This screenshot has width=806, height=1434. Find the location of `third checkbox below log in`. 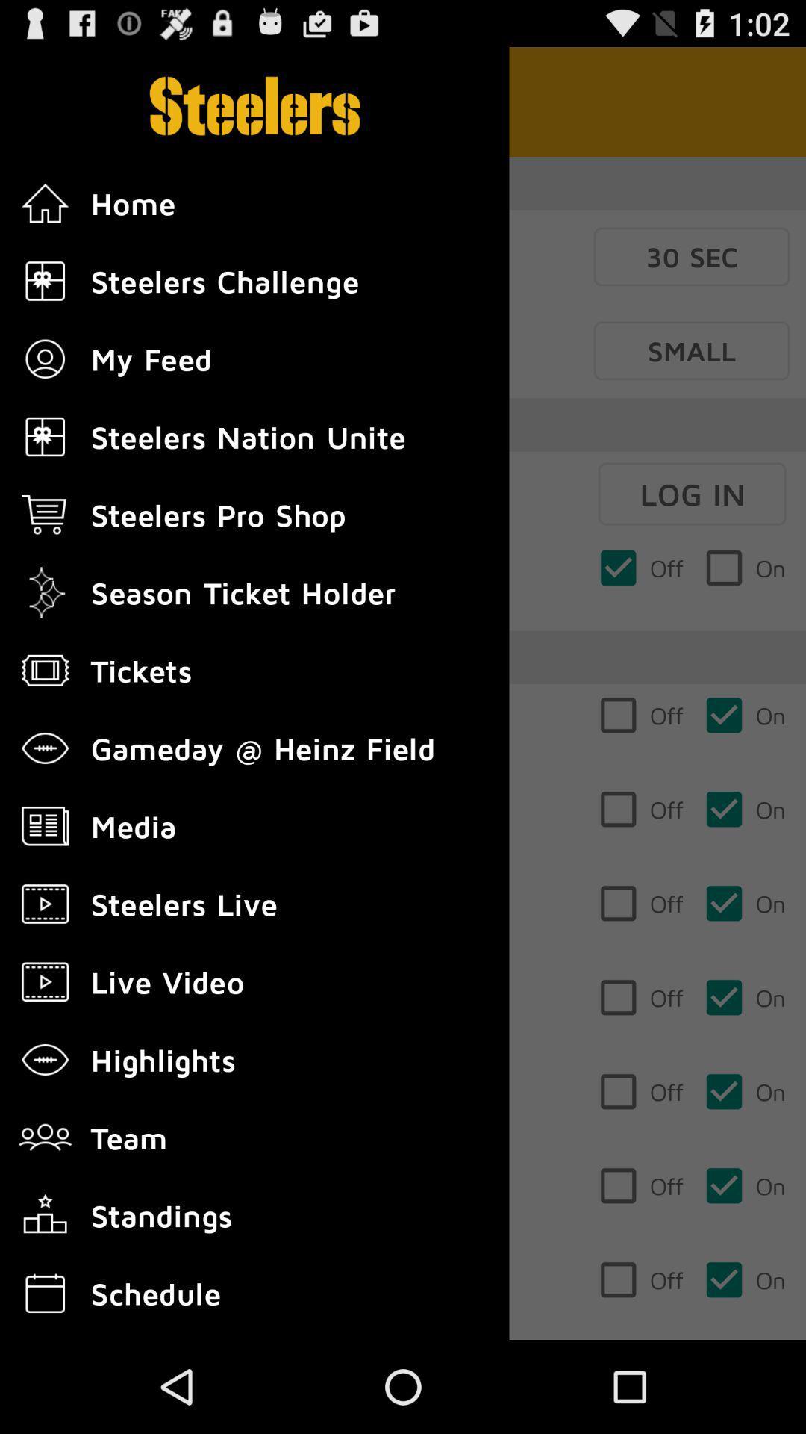

third checkbox below log in is located at coordinates (639, 809).